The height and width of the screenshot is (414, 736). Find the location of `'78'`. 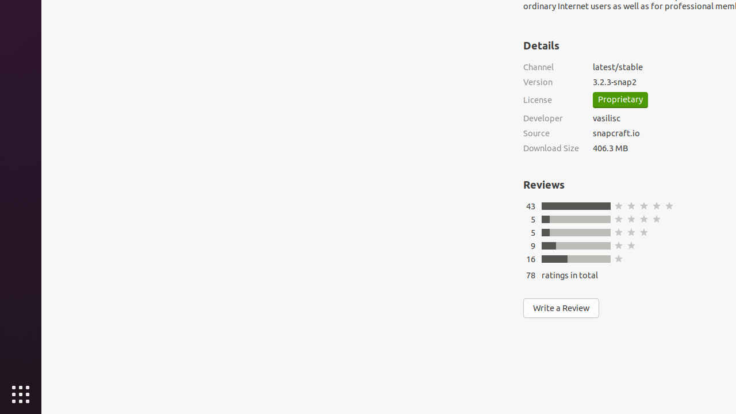

'78' is located at coordinates (530, 275).